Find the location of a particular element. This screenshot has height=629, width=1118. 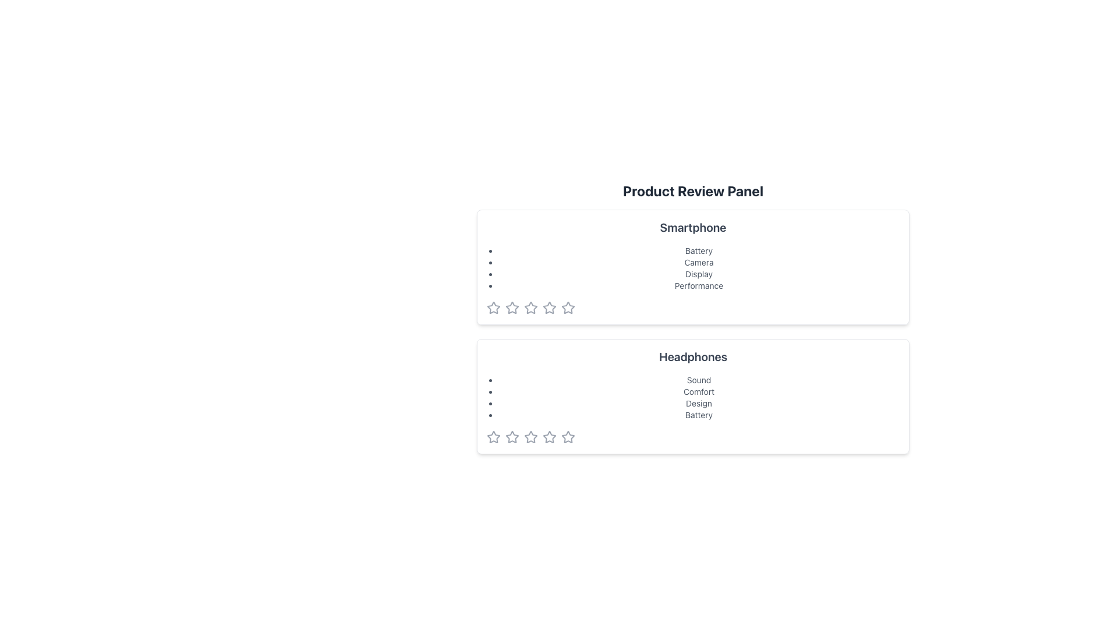

the 'Comfort' category text label within the 'Headphones' attributes list is located at coordinates (699, 391).